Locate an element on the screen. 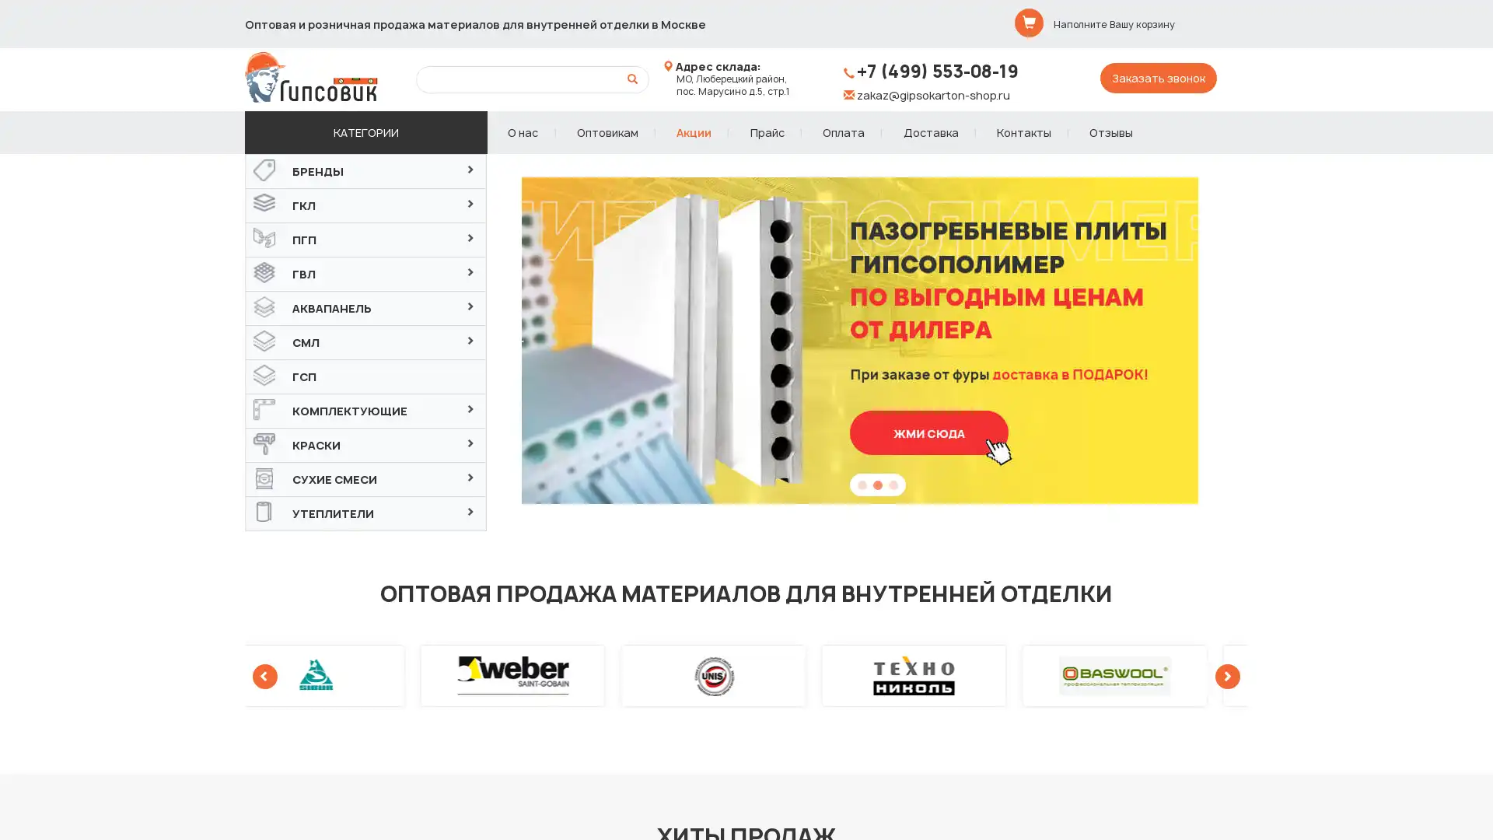 The image size is (1493, 840). 3 is located at coordinates (893, 488).